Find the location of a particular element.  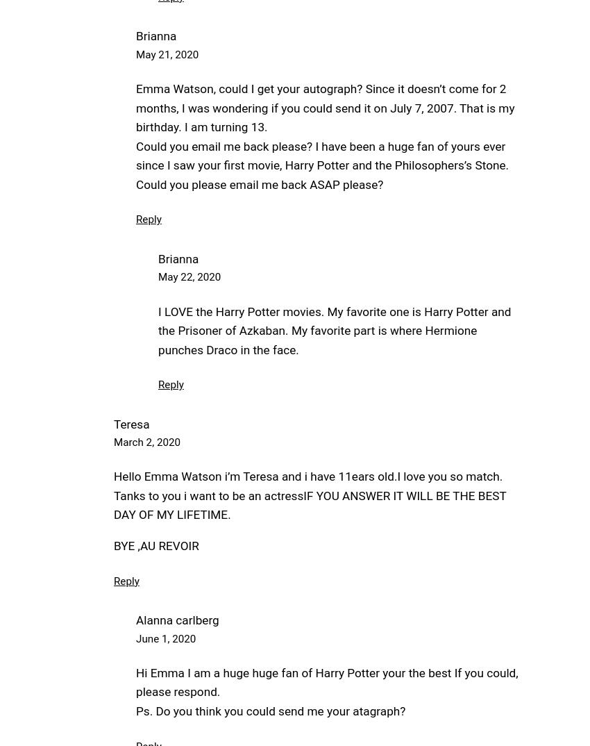

'Teresa' is located at coordinates (130, 424).